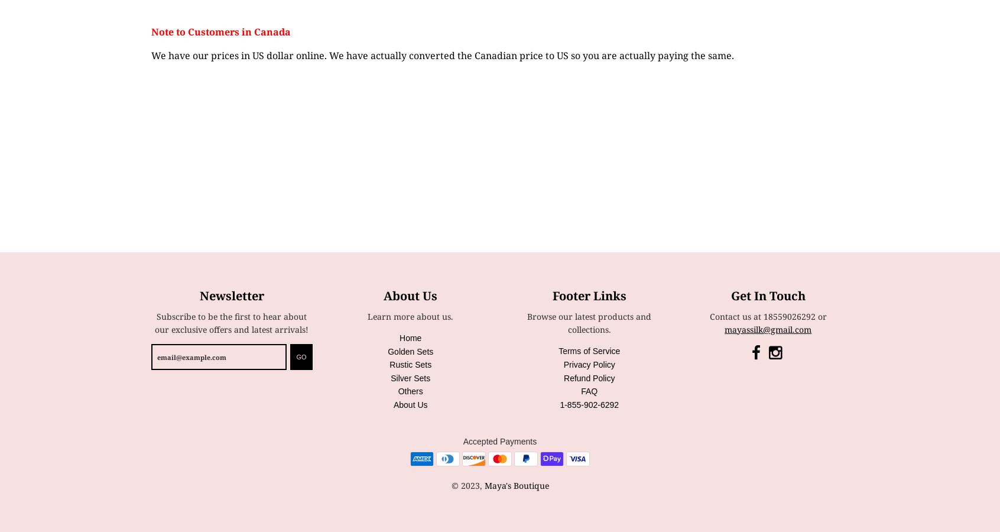 The image size is (1000, 532). Describe the element at coordinates (767, 328) in the screenshot. I see `'mayassilk@gmail.com'` at that location.